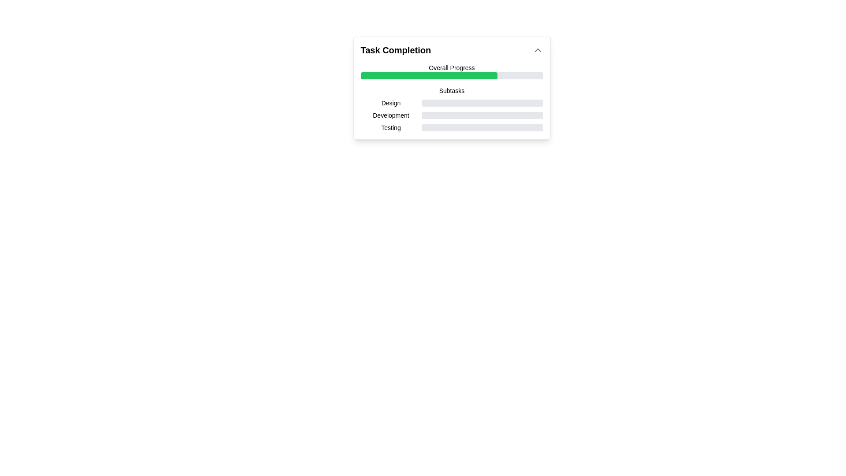  I want to click on the Task progress tracker located under the 'Overall Progress' bar, which displays subtasks 'Design,' 'Development,' and 'Testing' with their respective progress bars, so click(452, 108).